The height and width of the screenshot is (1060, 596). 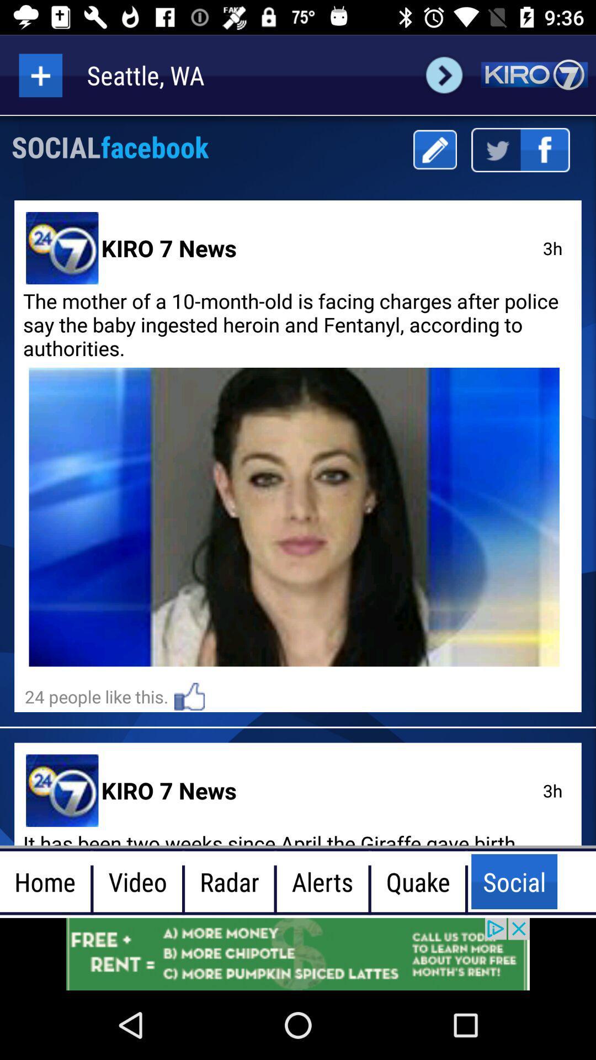 What do you see at coordinates (444, 75) in the screenshot?
I see `forward option` at bounding box center [444, 75].